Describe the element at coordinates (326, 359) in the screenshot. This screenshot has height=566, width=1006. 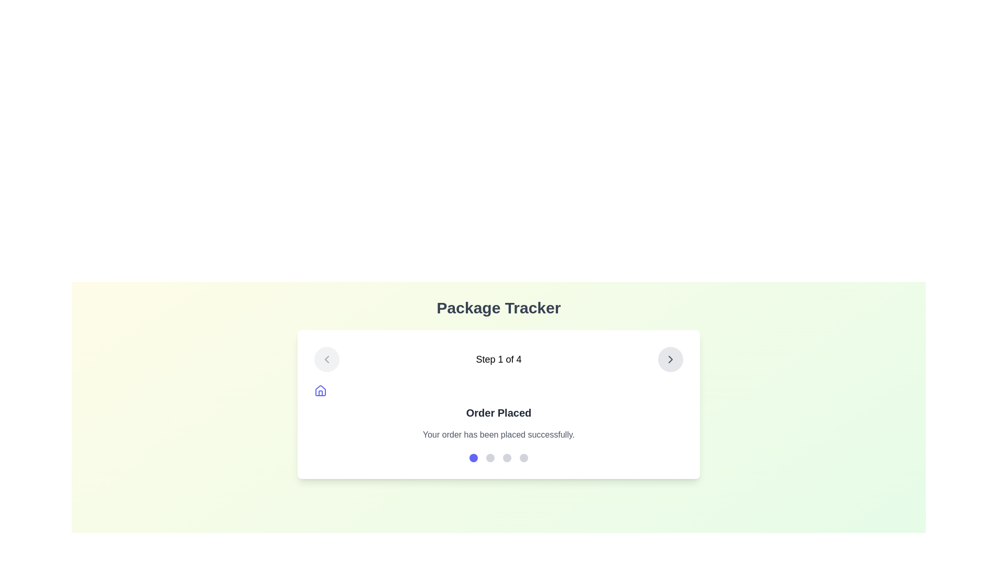
I see `the leftmost circular button with a light gray background and a left-pointing chevron icon` at that location.